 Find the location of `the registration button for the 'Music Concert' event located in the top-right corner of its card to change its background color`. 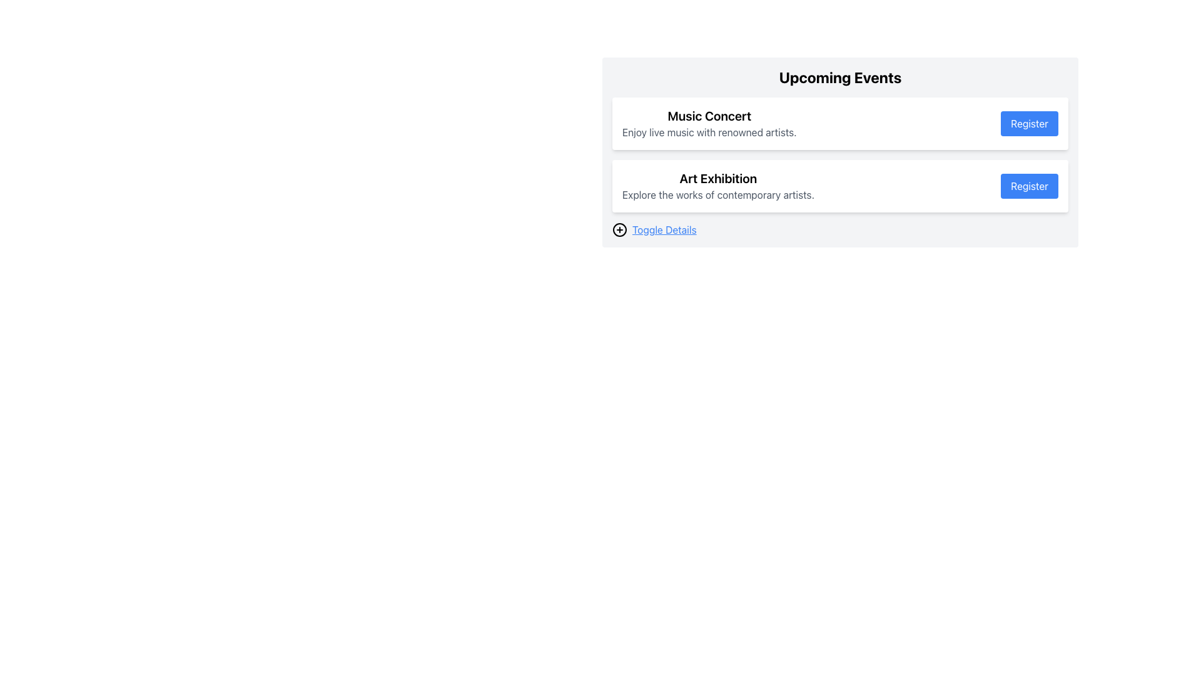

the registration button for the 'Music Concert' event located in the top-right corner of its card to change its background color is located at coordinates (1030, 123).